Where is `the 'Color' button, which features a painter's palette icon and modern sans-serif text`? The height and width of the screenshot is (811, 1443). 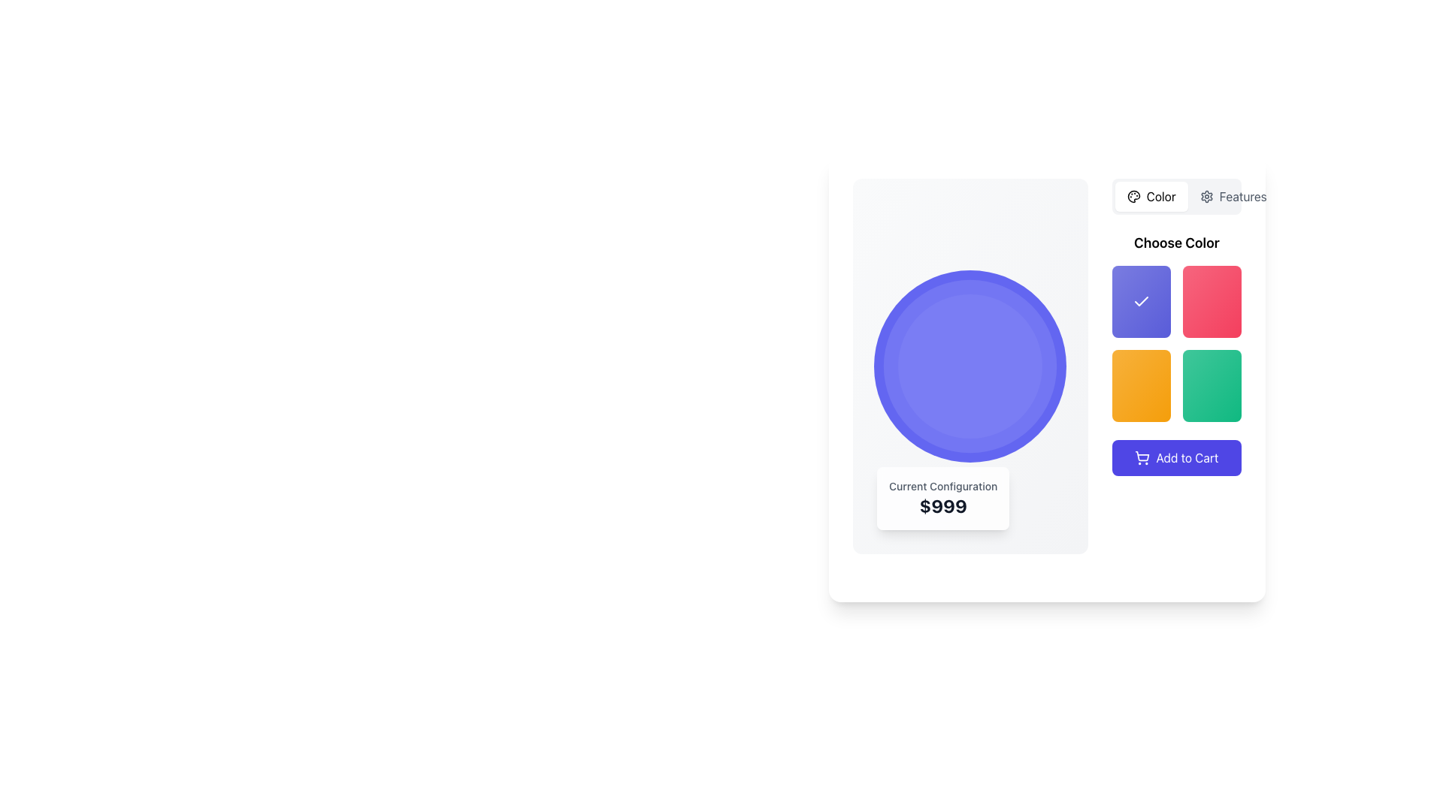 the 'Color' button, which features a painter's palette icon and modern sans-serif text is located at coordinates (1151, 196).